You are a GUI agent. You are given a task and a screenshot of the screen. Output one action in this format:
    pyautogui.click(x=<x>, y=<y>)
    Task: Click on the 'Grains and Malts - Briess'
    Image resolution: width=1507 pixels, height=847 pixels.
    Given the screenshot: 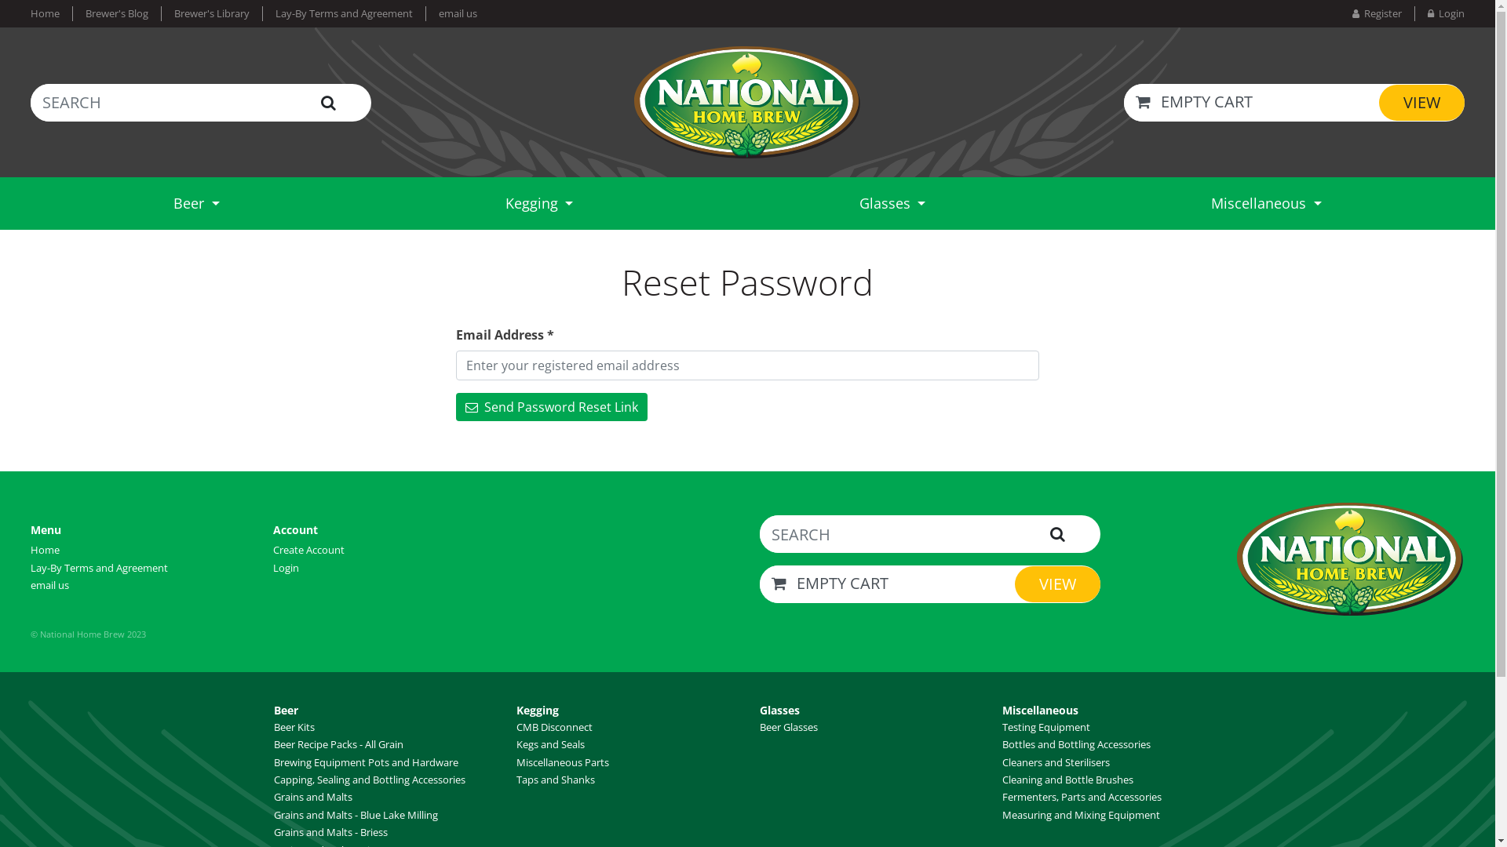 What is the action you would take?
    pyautogui.click(x=274, y=831)
    